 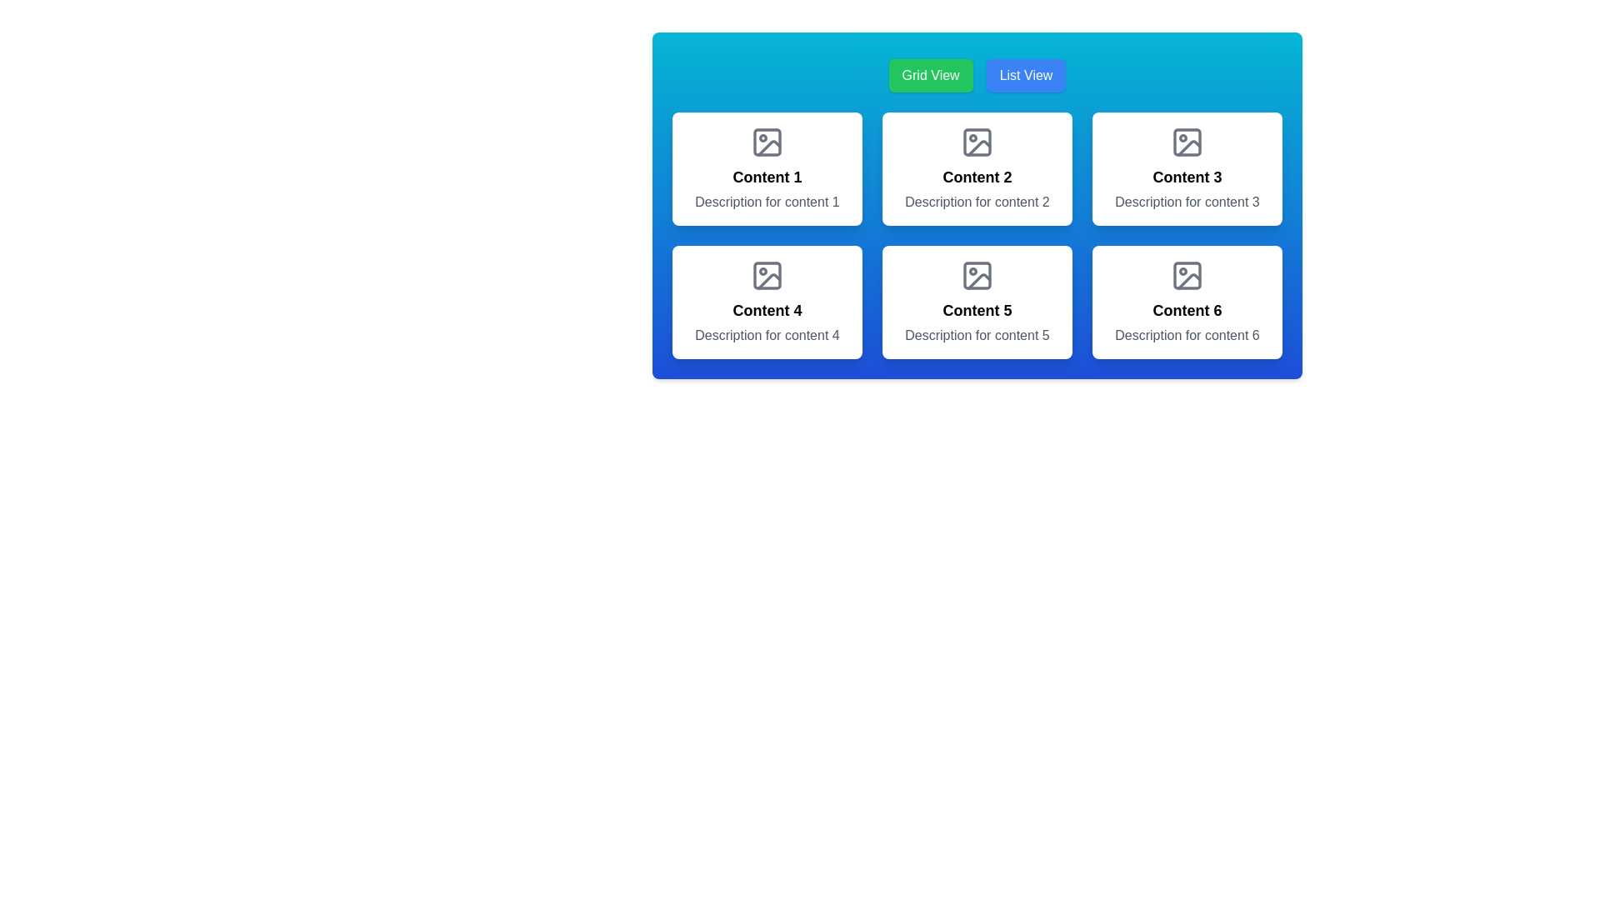 I want to click on the image placeholder icon located in the sixth grid item labeled 'Content 6 Description for content 6', so click(x=1187, y=275).